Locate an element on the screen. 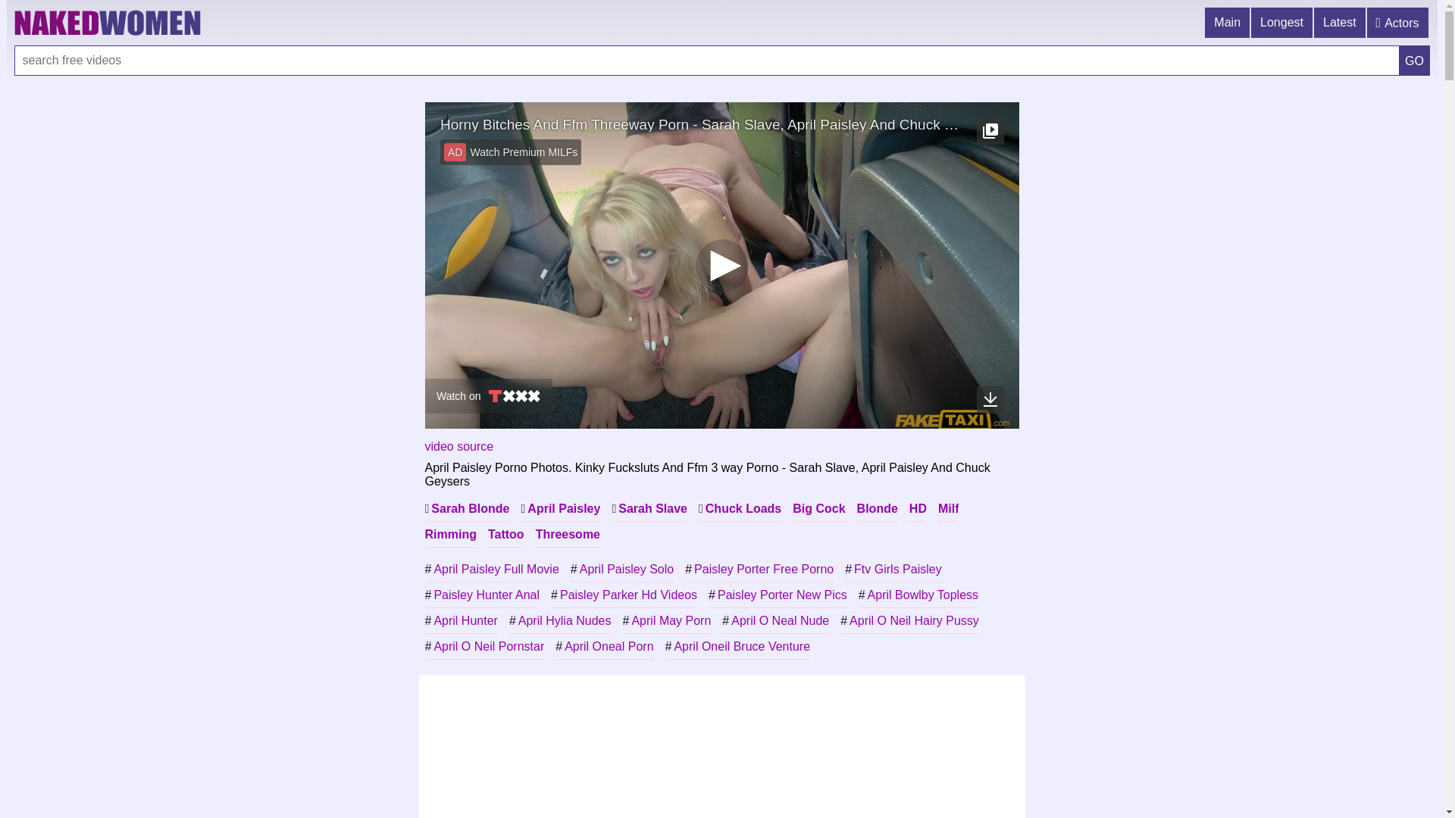 The height and width of the screenshot is (818, 1455). 'Paisley Parker Hd Videos' is located at coordinates (624, 595).